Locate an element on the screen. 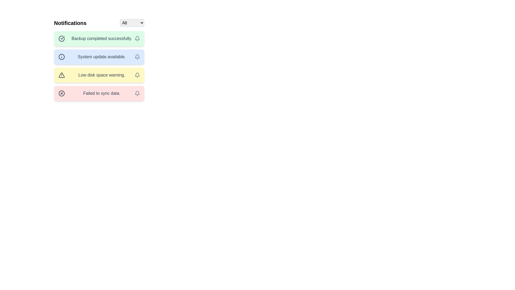 Image resolution: width=515 pixels, height=290 pixels. a specific option from the dropdown menu located in the top-right region of the notifications bar is located at coordinates (132, 22).